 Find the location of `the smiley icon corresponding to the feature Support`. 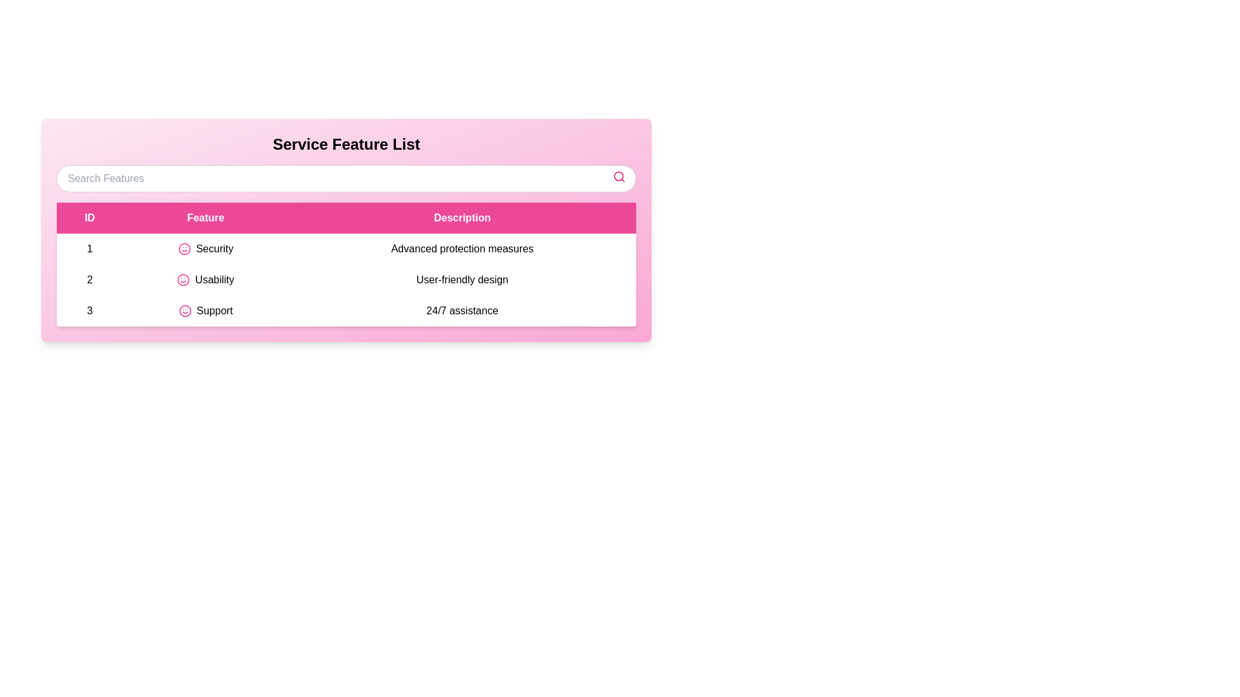

the smiley icon corresponding to the feature Support is located at coordinates (184, 311).